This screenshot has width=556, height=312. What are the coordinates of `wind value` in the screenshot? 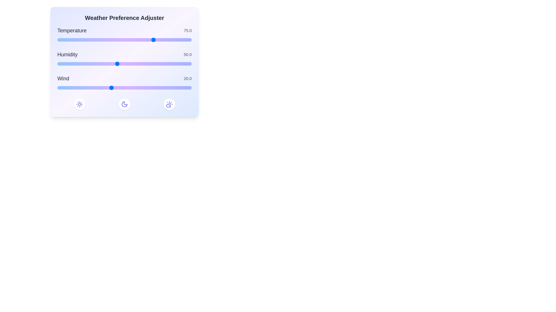 It's located at (157, 88).